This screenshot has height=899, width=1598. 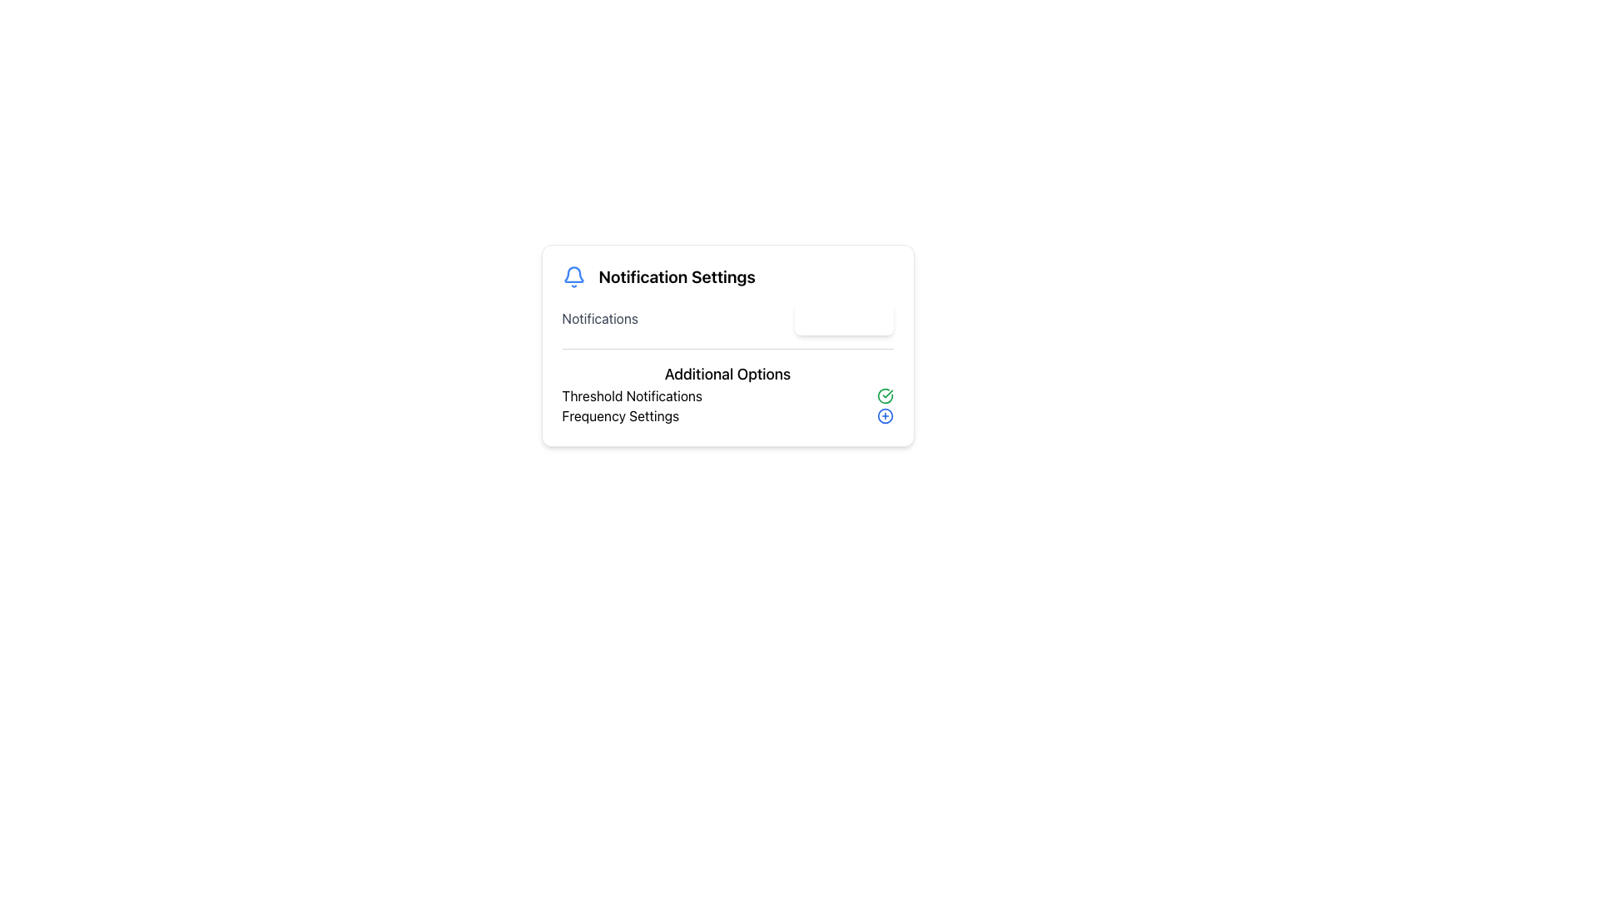 What do you see at coordinates (884, 415) in the screenshot?
I see `the circular SVG graphical element that serves as a background for the 'plus' icon, located at the bottom-right section of the interface, next to the 'Frequency Settings' label` at bounding box center [884, 415].